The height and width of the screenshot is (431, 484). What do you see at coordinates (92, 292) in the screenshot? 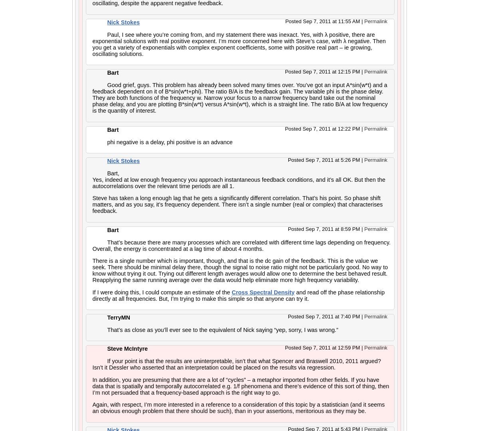
I see `'If I were doing this, I could compute an estimate of the'` at bounding box center [92, 292].